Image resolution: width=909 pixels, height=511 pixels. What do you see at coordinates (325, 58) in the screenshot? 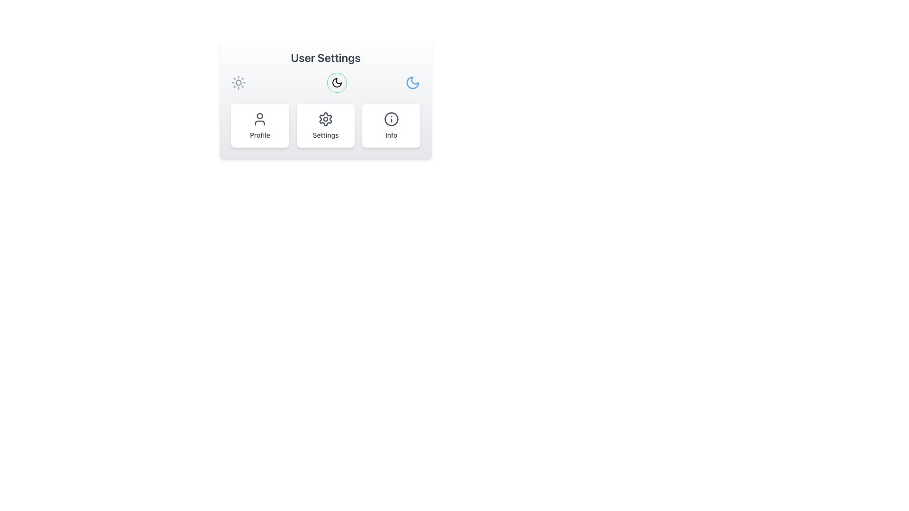
I see `the Static Text that serves as a descriptive header for the user settings section, positioned centrally at the top above other elements` at bounding box center [325, 58].